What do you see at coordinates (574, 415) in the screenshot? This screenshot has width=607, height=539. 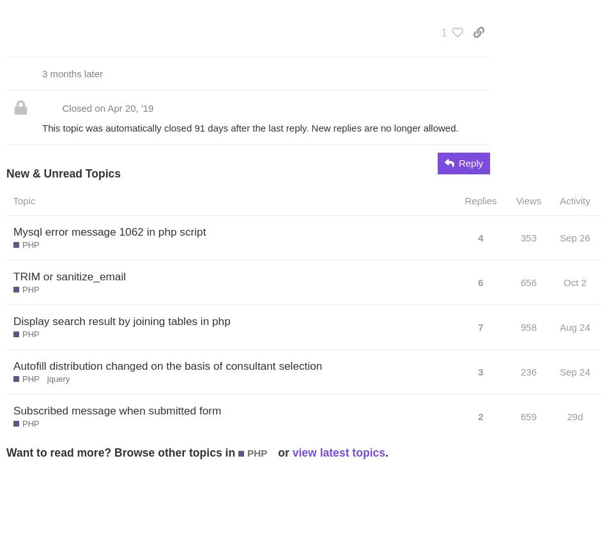 I see `'29d'` at bounding box center [574, 415].